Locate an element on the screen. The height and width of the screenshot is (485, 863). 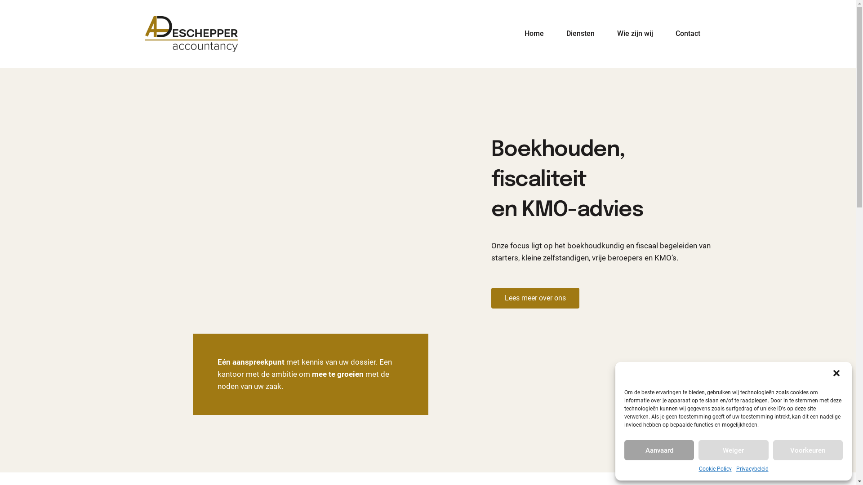
'Lees meer over ons' is located at coordinates (490, 298).